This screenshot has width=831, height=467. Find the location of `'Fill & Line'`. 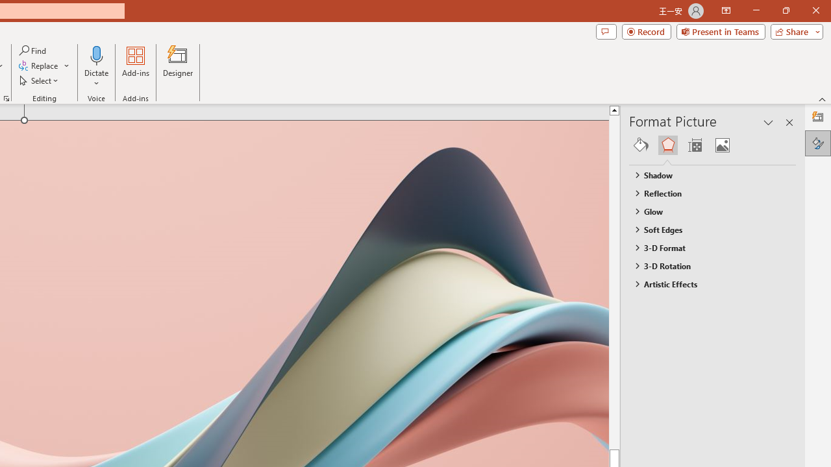

'Fill & Line' is located at coordinates (641, 145).